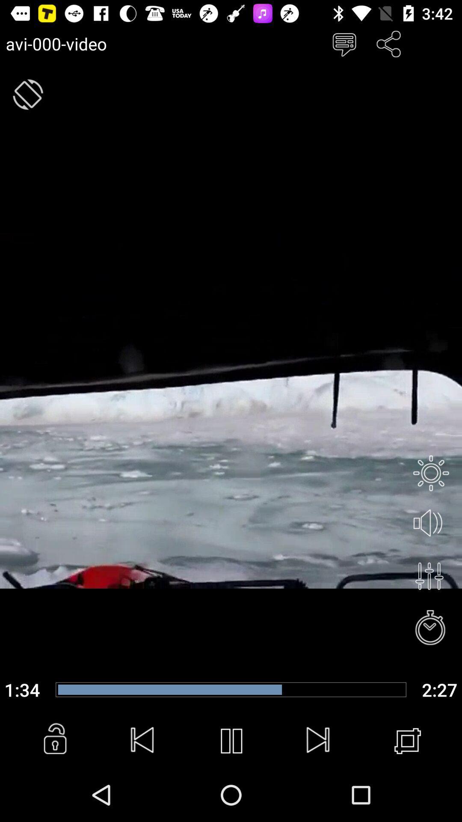  I want to click on the timer icon, so click(431, 628).